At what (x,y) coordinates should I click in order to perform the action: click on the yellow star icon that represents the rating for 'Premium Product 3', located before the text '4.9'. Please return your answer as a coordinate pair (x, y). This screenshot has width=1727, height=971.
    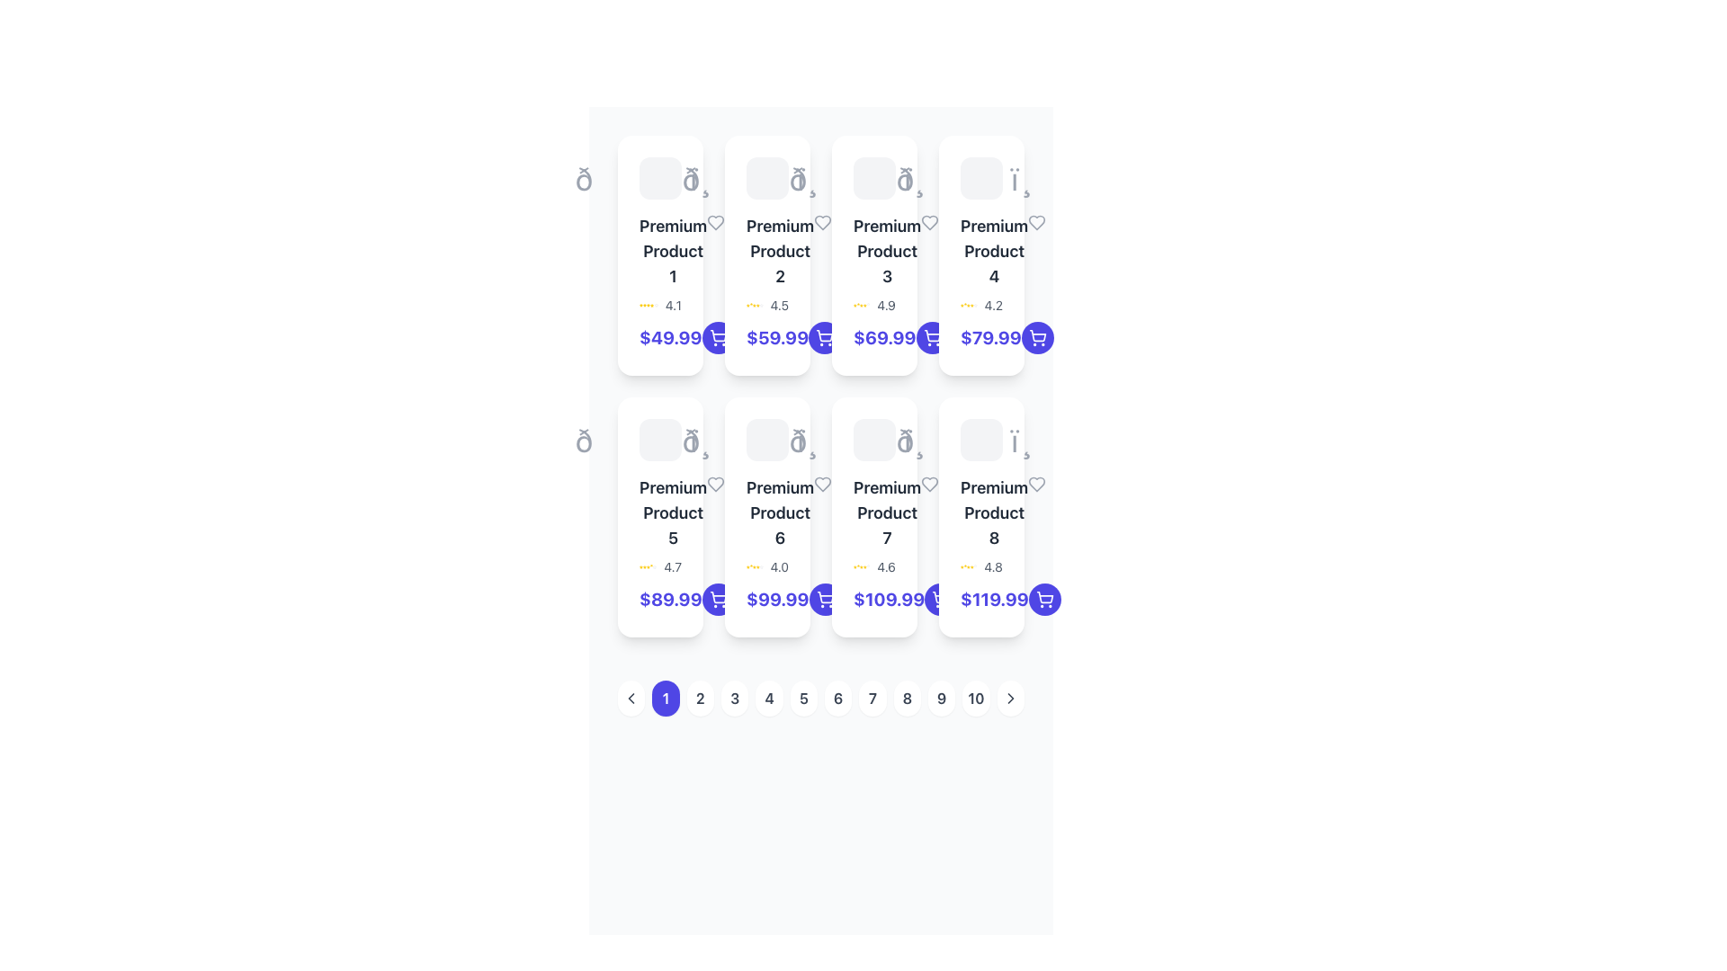
    Looking at the image, I should click on (854, 304).